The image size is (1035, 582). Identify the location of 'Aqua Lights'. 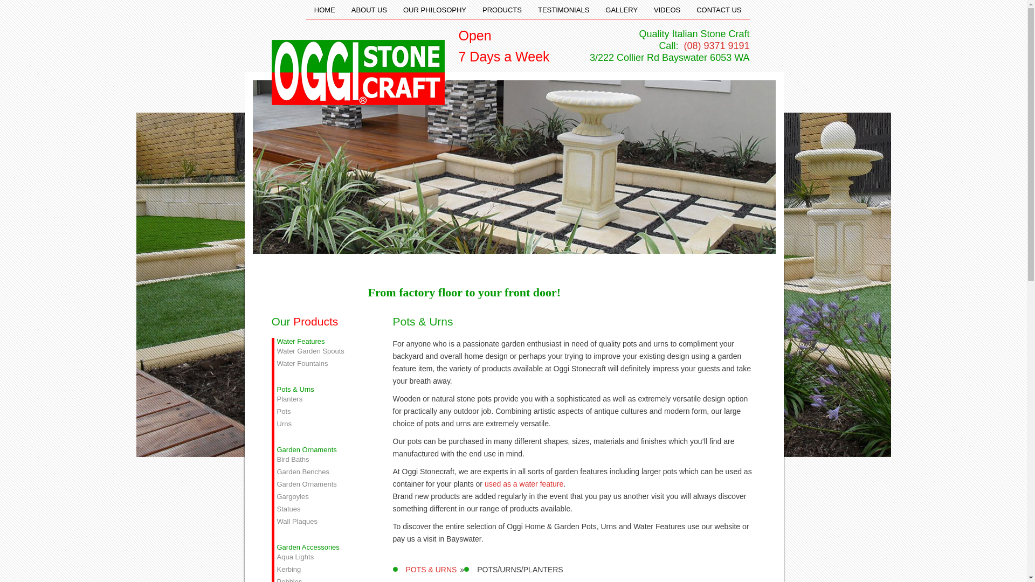
(321, 557).